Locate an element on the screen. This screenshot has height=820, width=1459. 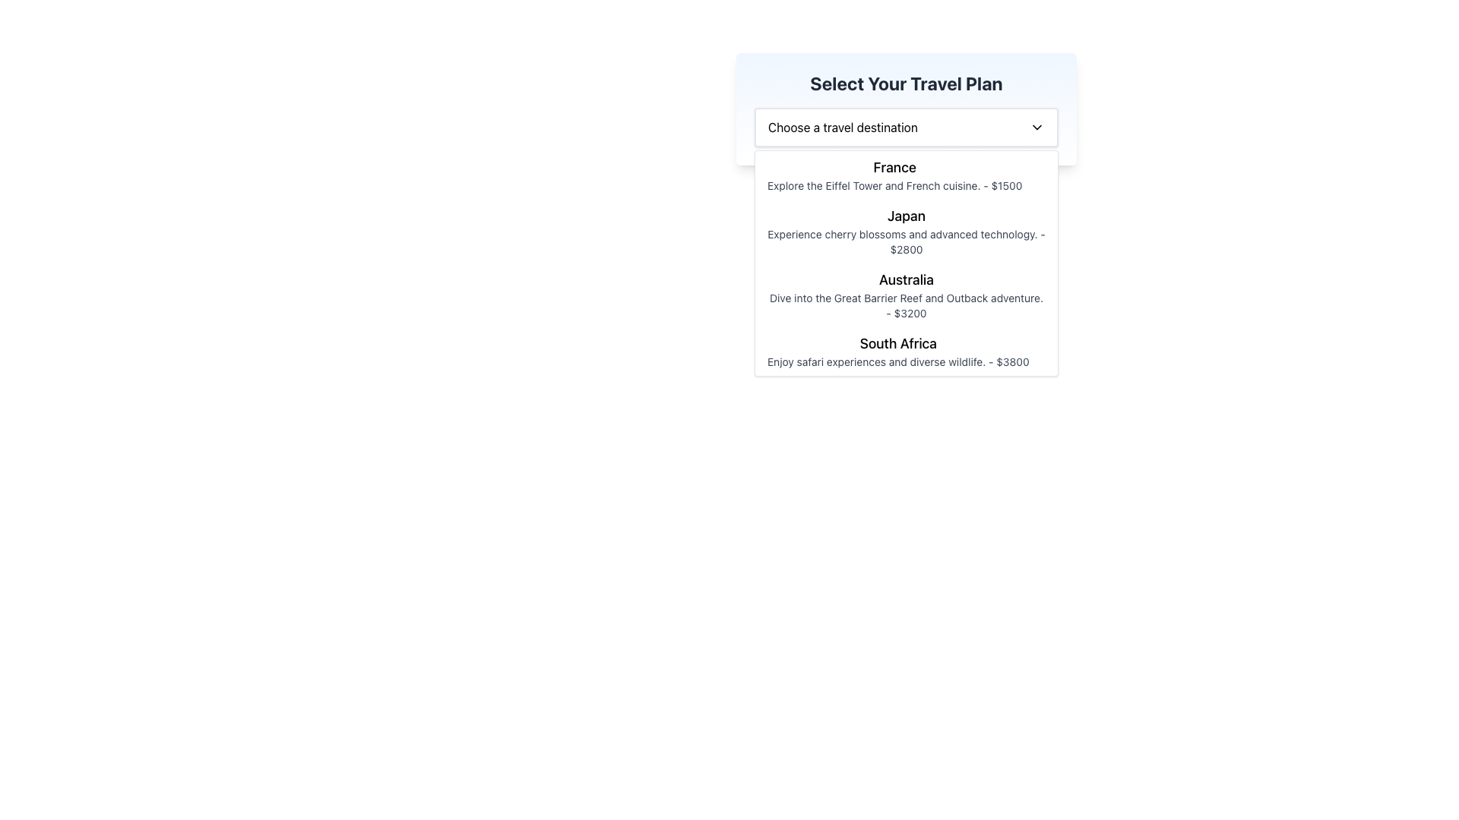
information presented in the last item of the dropdown menu titled 'Select Your Travel Plan', which describes the travel destination 'South Africa' with its title and detailed description is located at coordinates (907, 351).